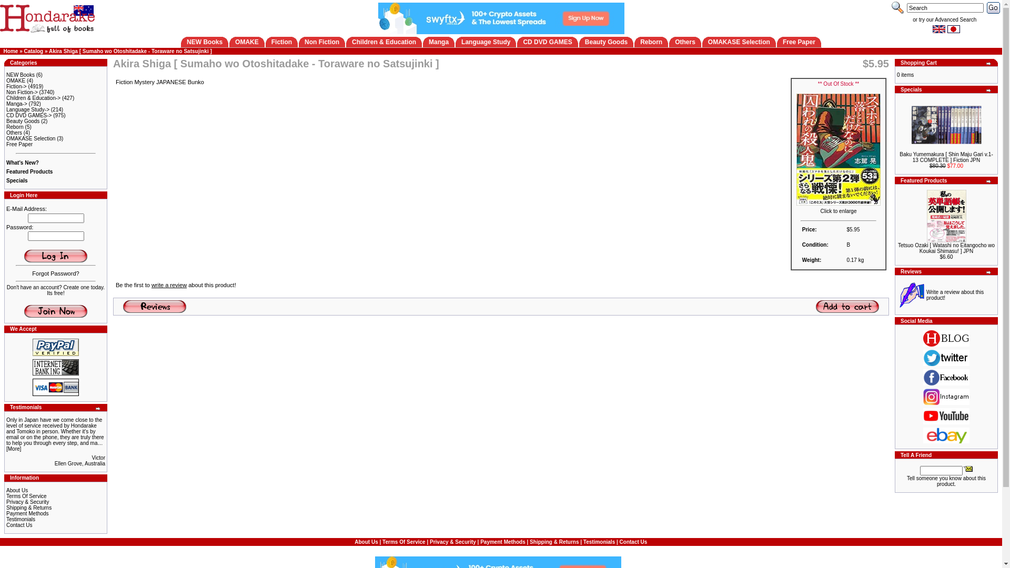  What do you see at coordinates (55, 310) in the screenshot?
I see `' Create Account '` at bounding box center [55, 310].